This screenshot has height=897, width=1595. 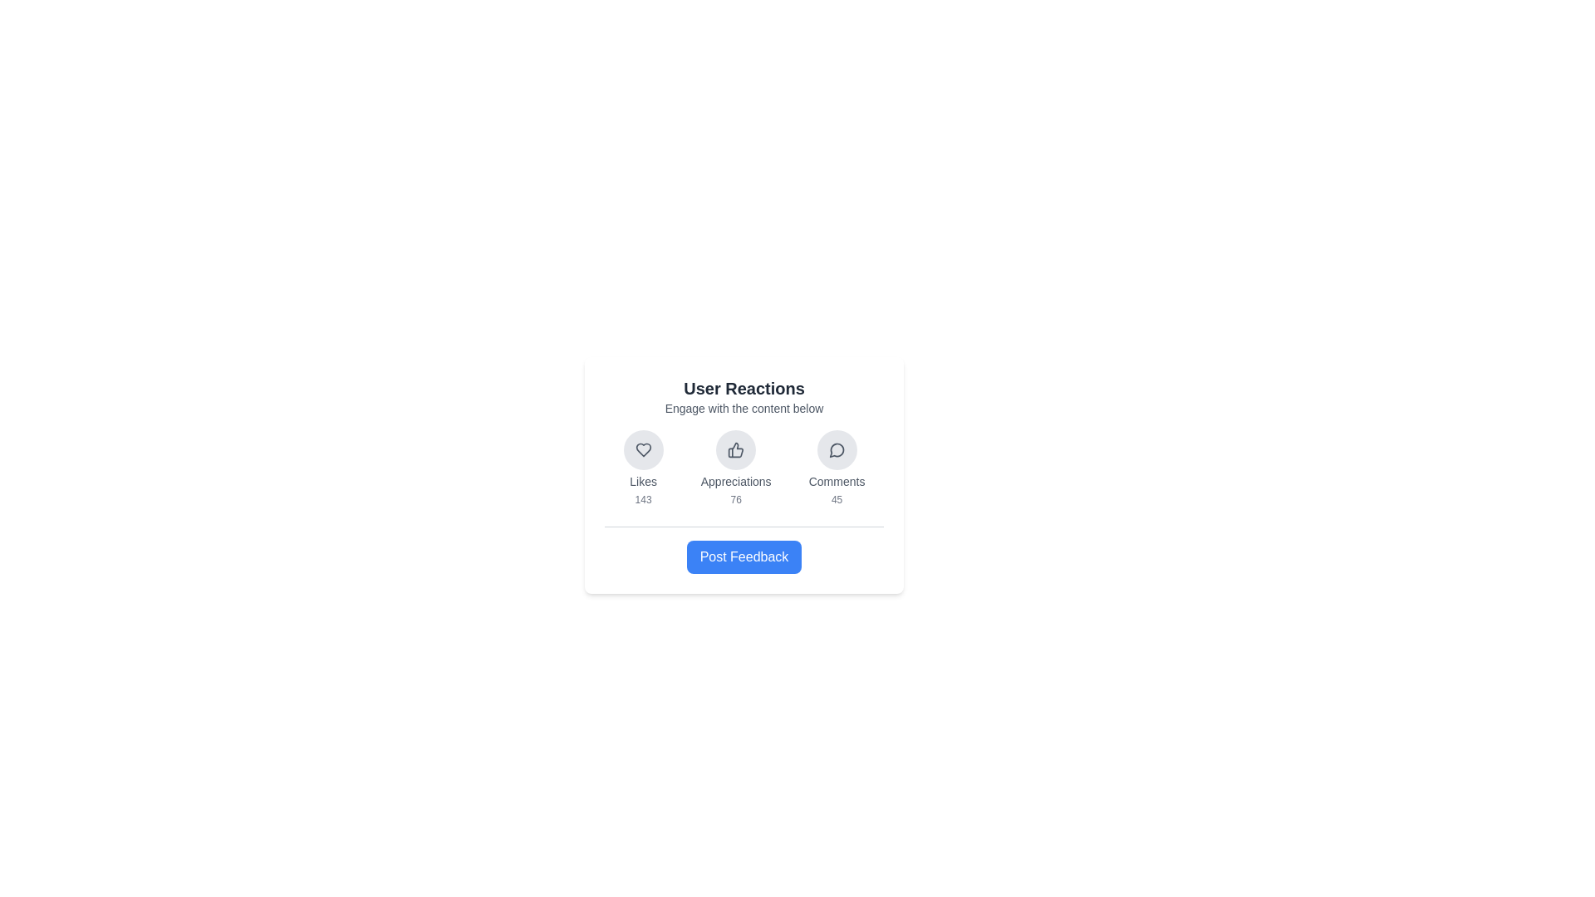 What do you see at coordinates (837, 450) in the screenshot?
I see `the comment icon located in the third circular button of the user interaction options row, which is situated below the 'User Reactions' header` at bounding box center [837, 450].